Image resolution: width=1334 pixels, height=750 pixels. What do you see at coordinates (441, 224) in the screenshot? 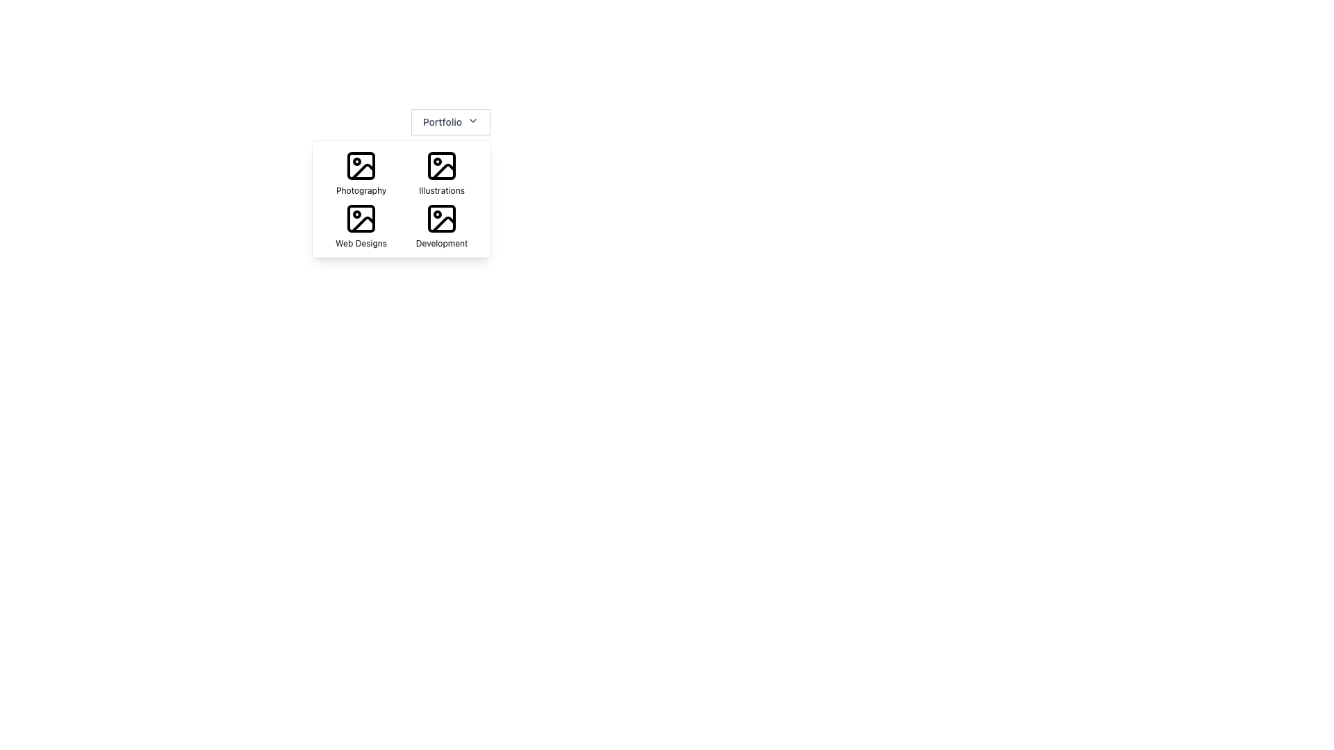
I see `the 'Development' icon with label located in the bottom-right corner of a 2x2 grid layout` at bounding box center [441, 224].